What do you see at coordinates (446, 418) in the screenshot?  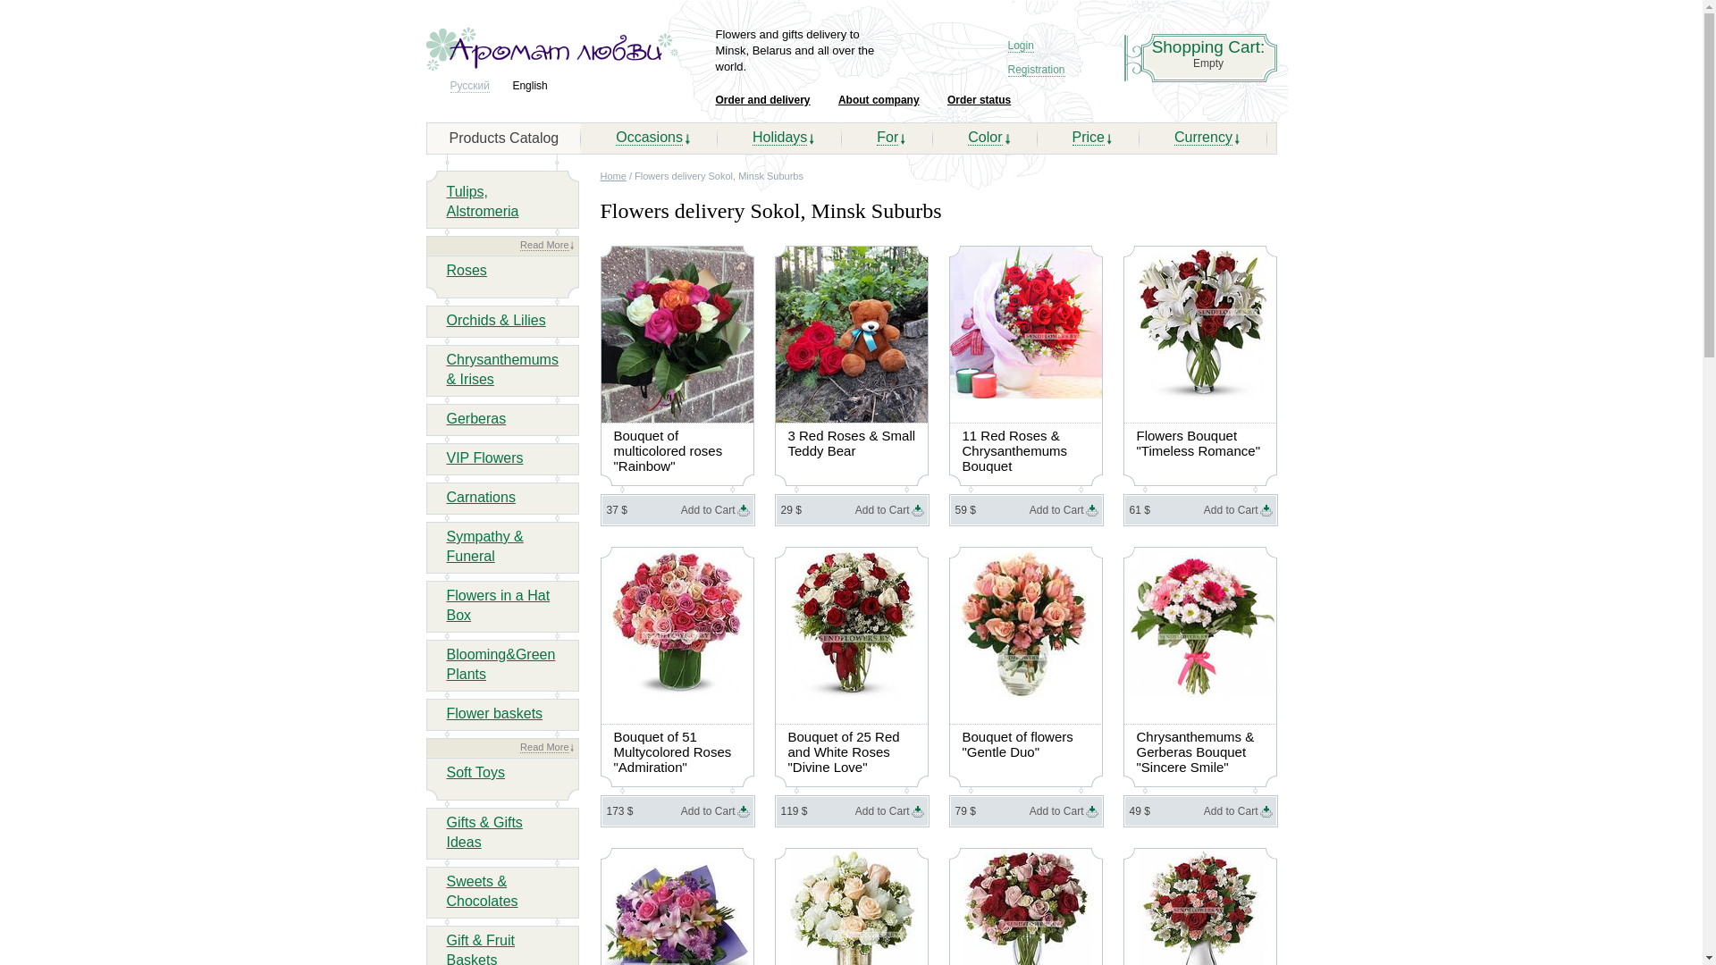 I see `'Gerberas'` at bounding box center [446, 418].